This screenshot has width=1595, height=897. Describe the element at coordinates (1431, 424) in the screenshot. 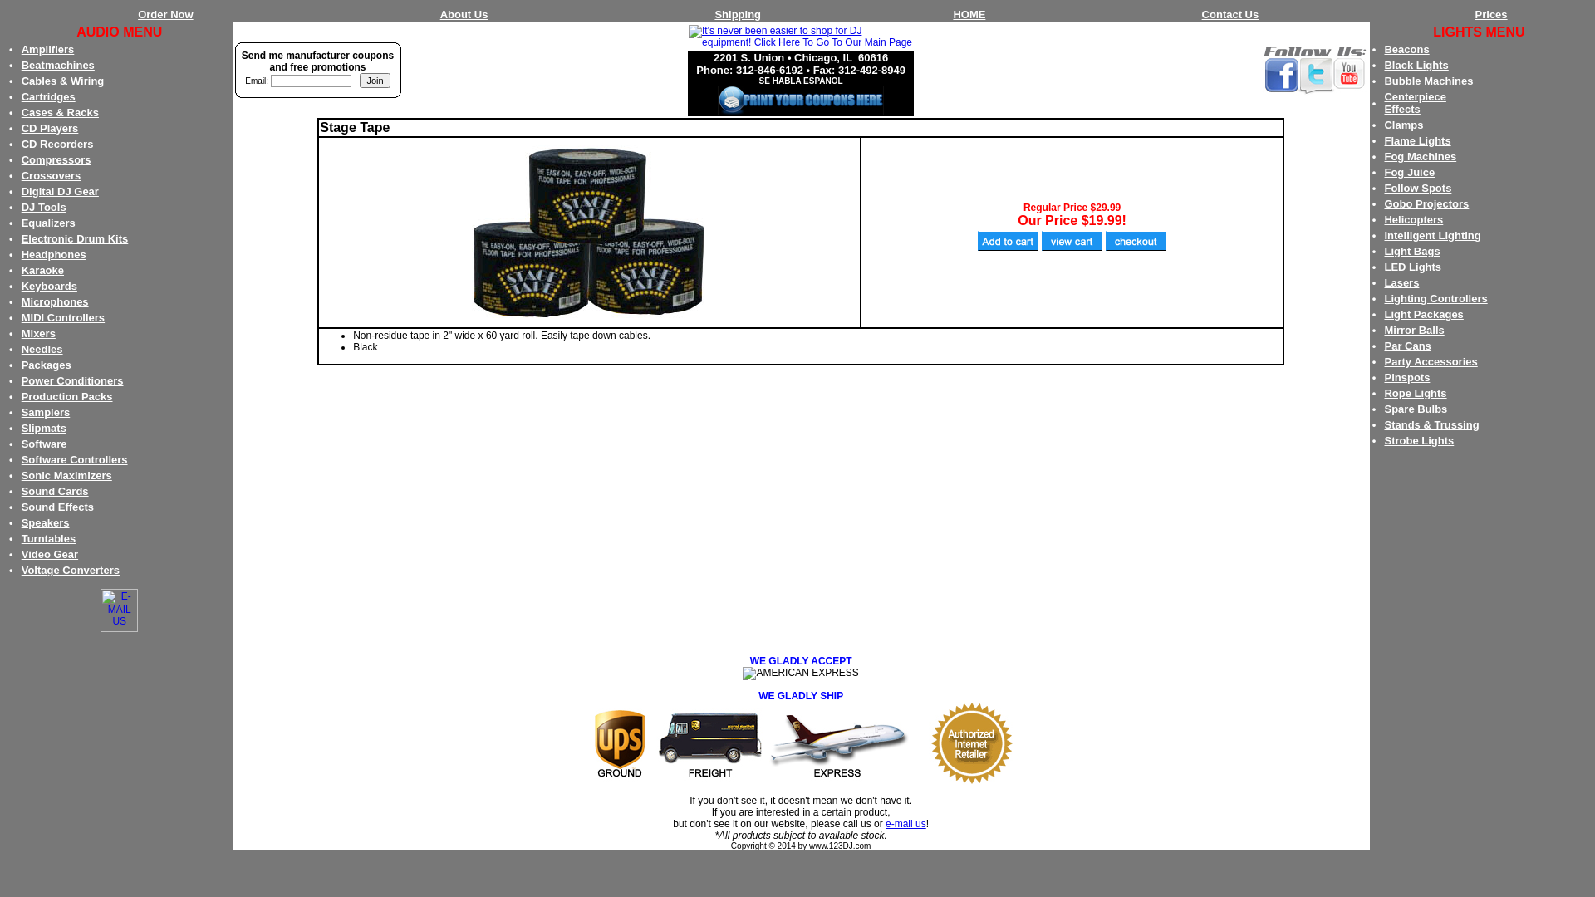

I see `'Stands & Trussing'` at that location.